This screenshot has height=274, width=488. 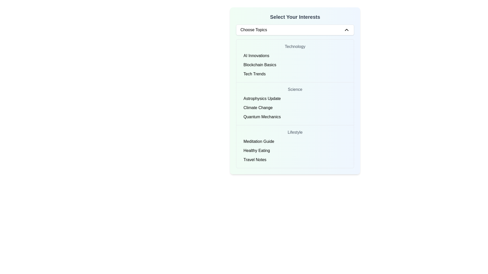 I want to click on the upward-pointing chevron icon located at the far right side of the 'Choose Topics' horizontal bar, so click(x=346, y=30).